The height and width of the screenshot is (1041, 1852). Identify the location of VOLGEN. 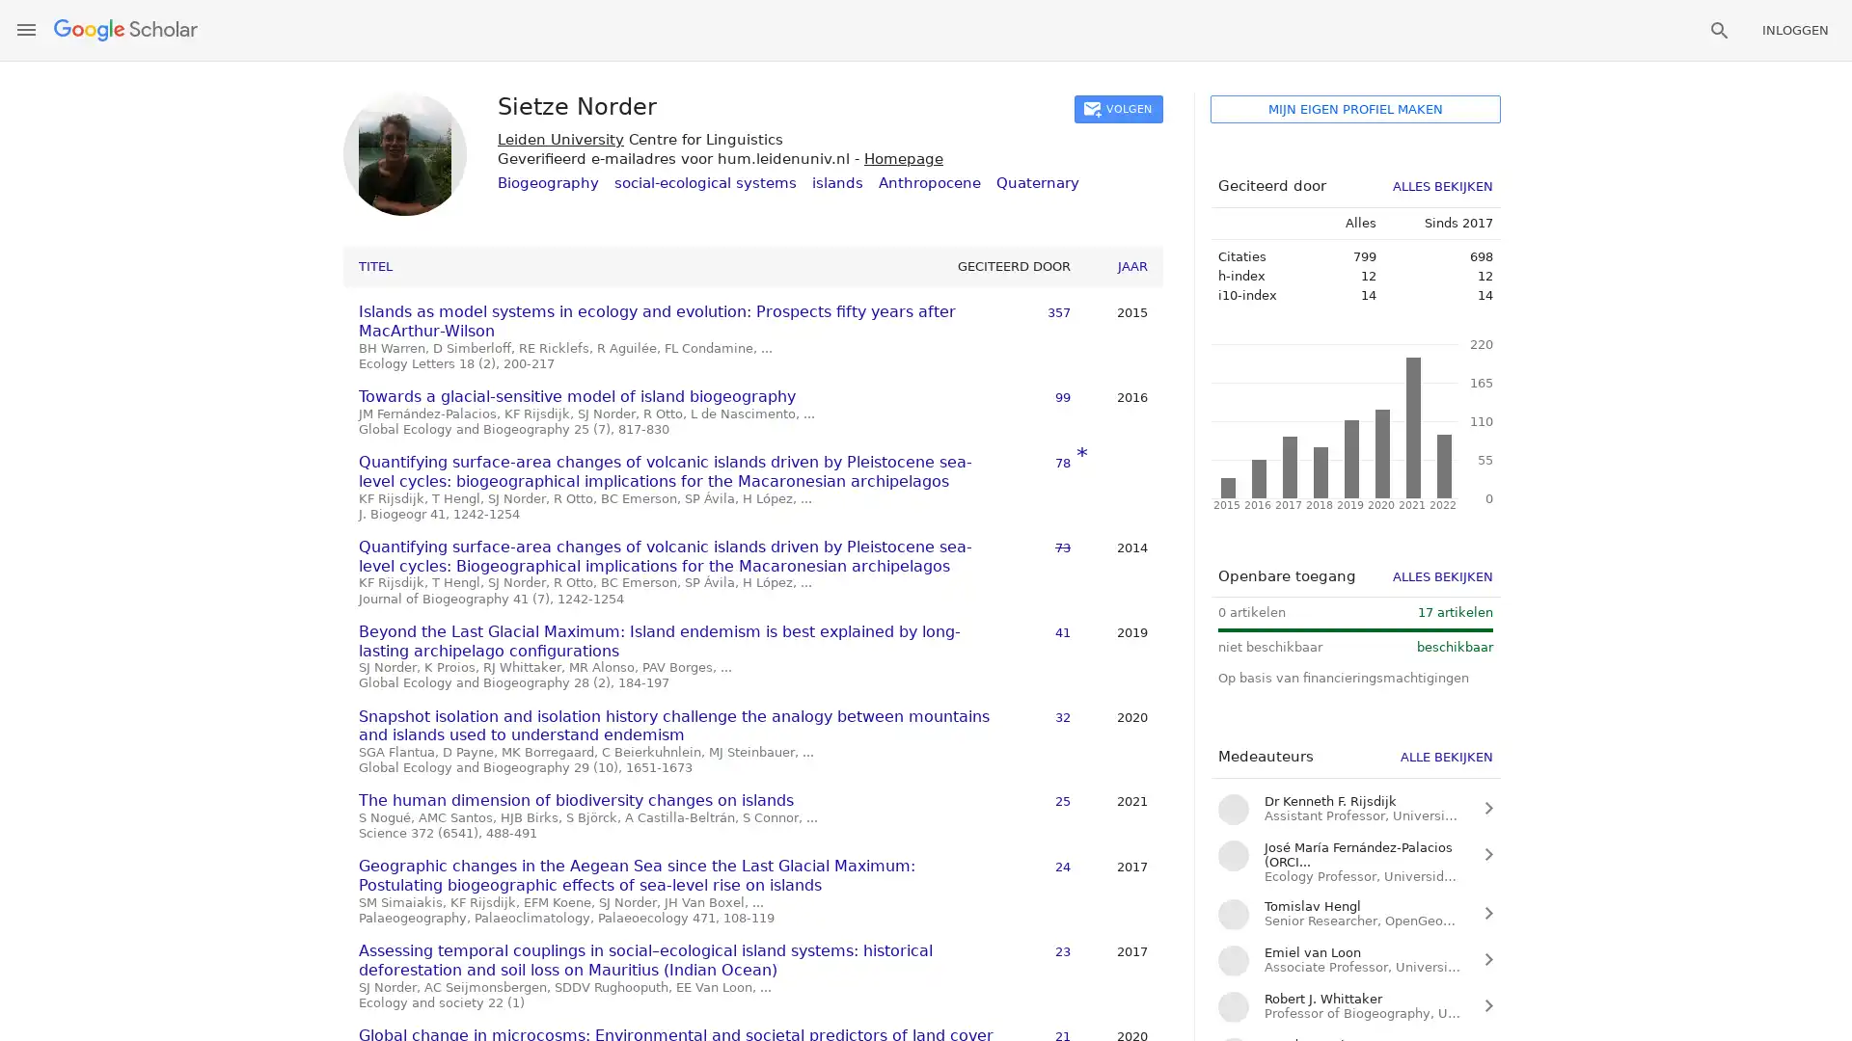
(1119, 109).